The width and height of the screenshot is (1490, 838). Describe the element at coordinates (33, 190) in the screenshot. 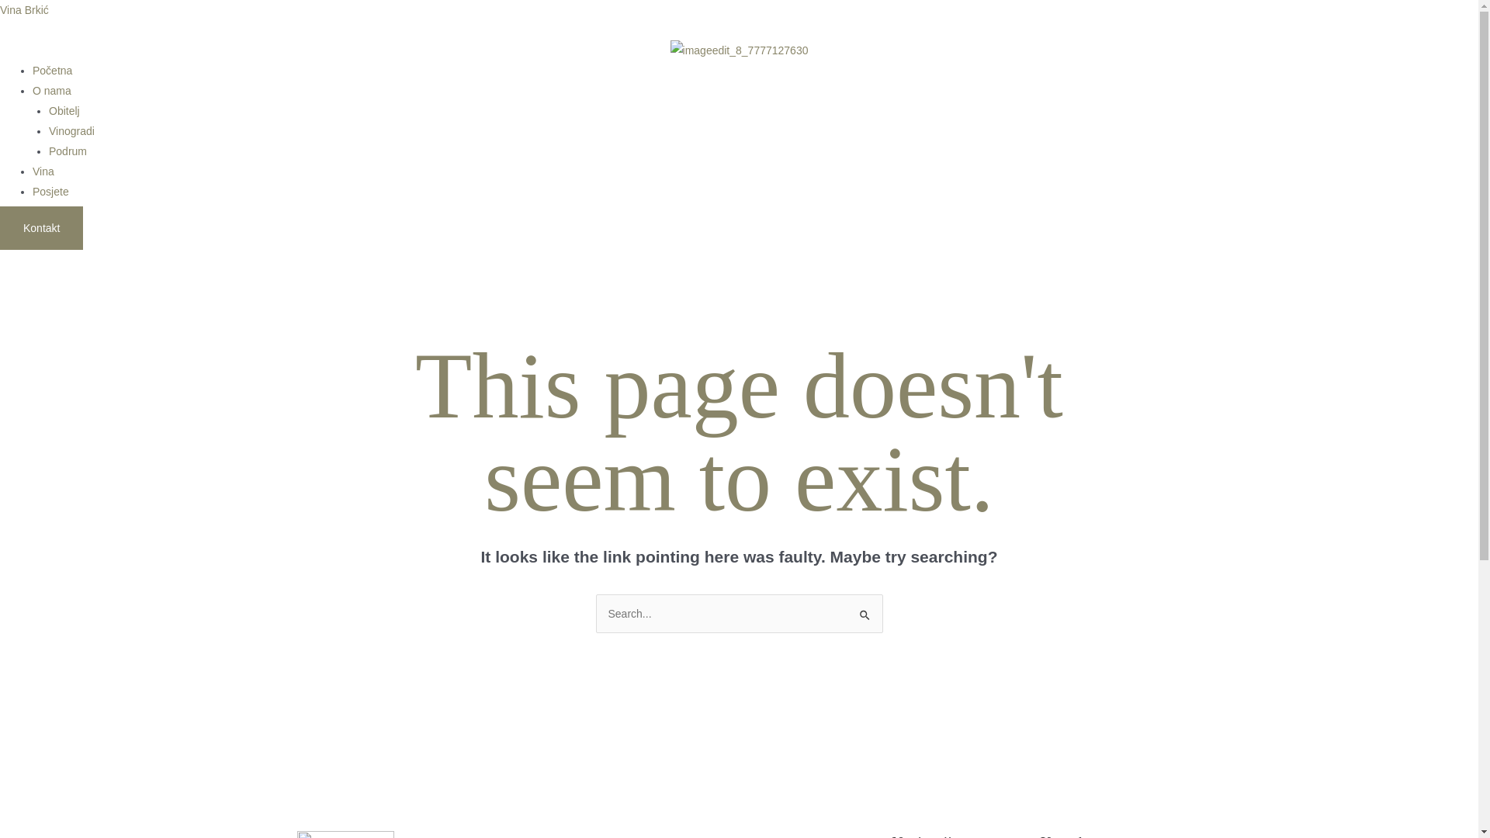

I see `'Posjete'` at that location.